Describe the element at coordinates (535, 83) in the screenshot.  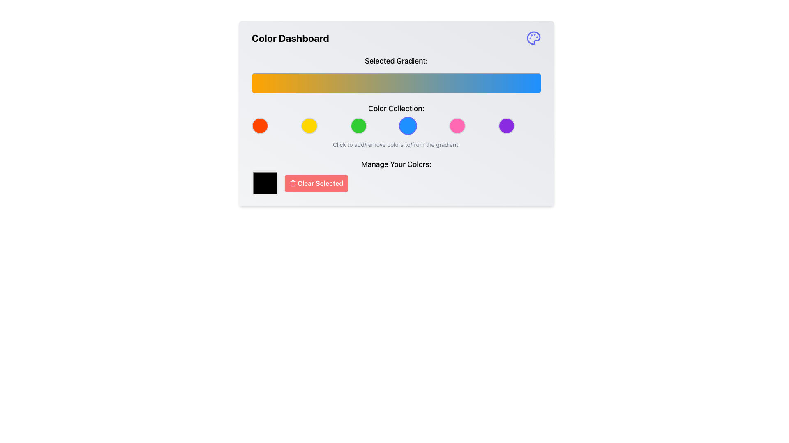
I see `the gradient selection` at that location.